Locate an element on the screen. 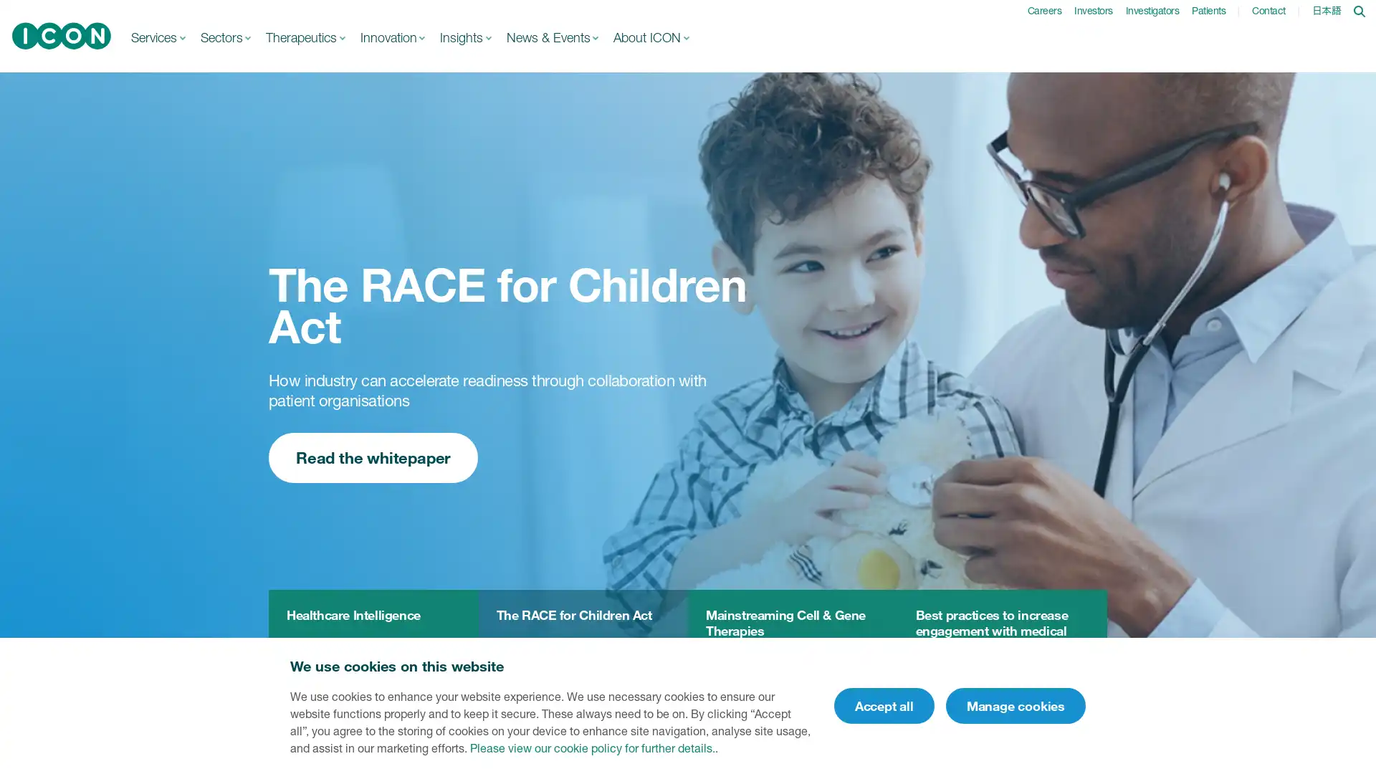  Manage cookies is located at coordinates (1014, 704).